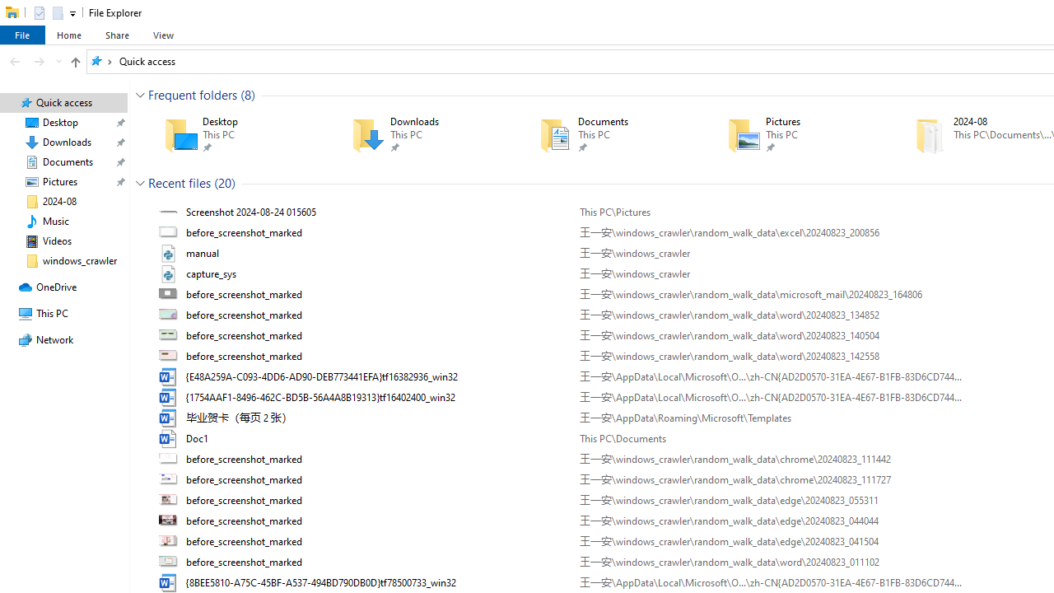 The height and width of the screenshot is (593, 1054). Describe the element at coordinates (74, 61) in the screenshot. I see `'Up to "Desktop" (Alt + Up Arrow)'` at that location.